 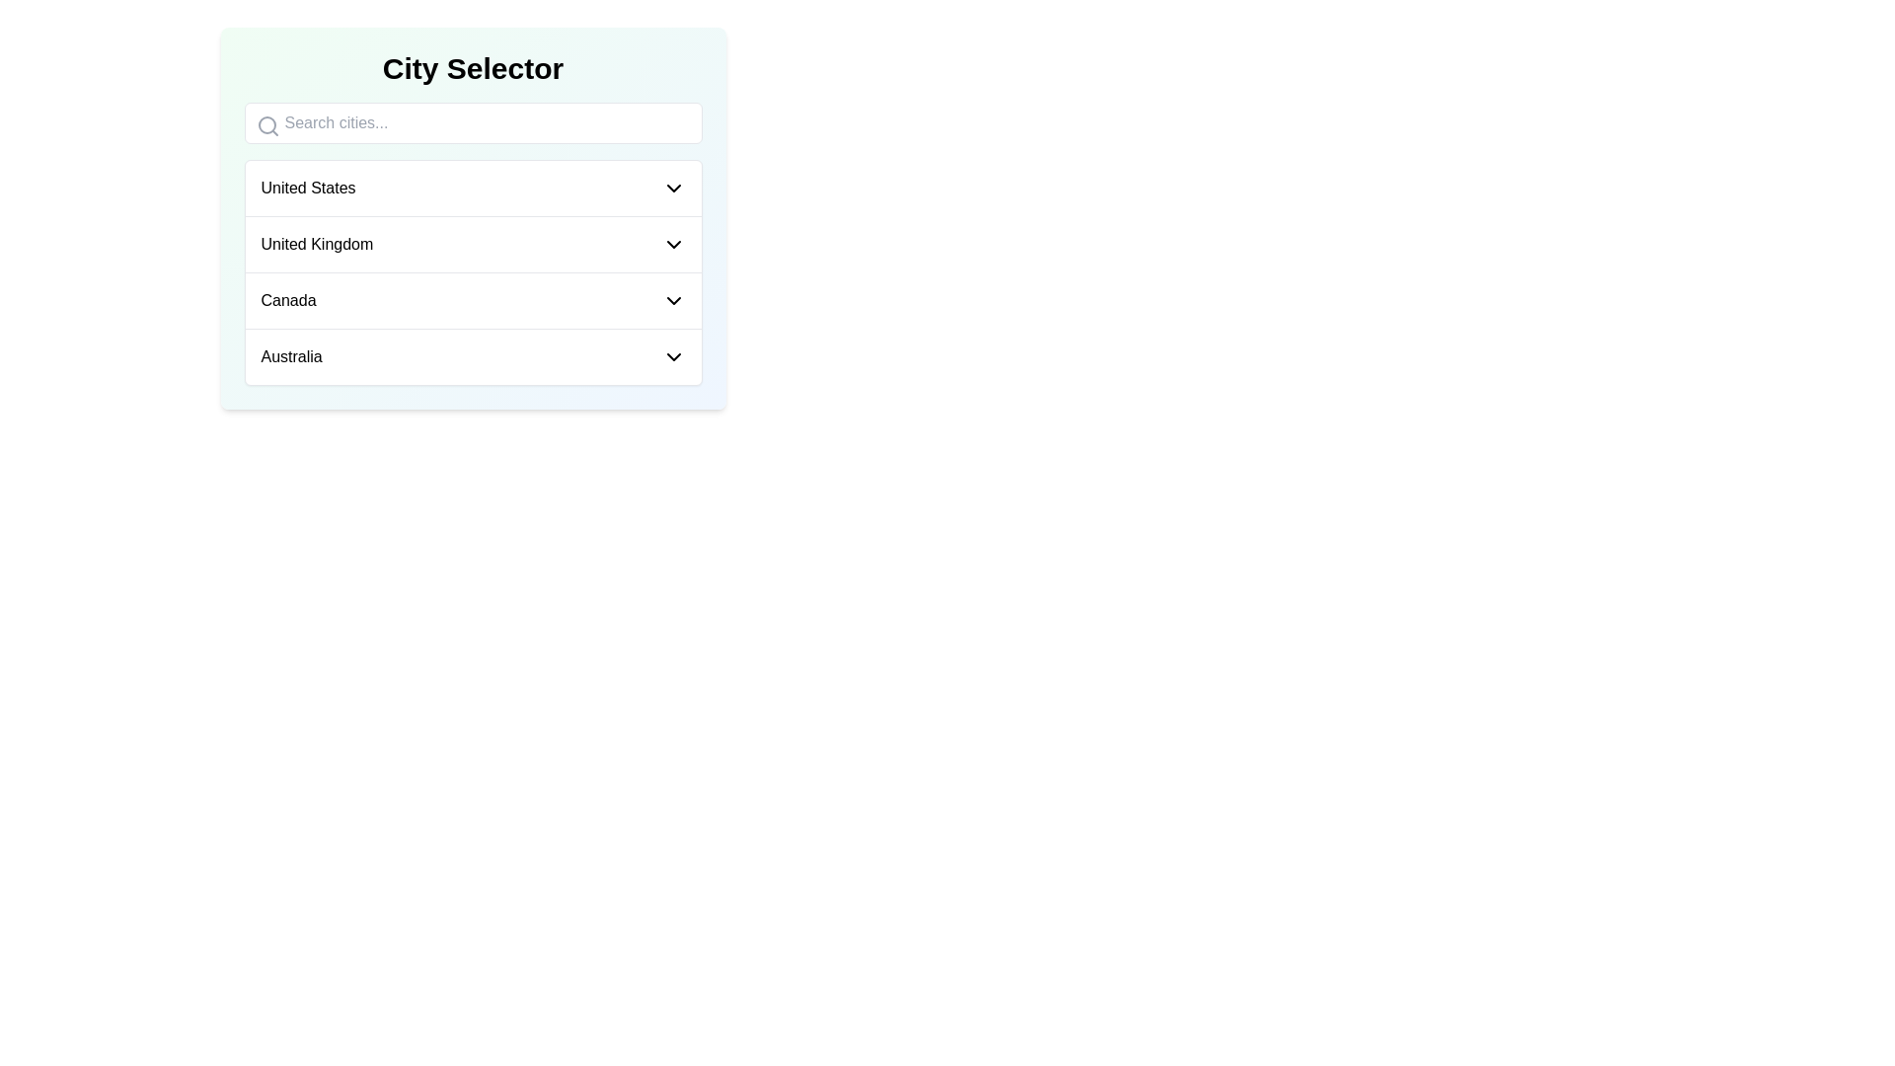 I want to click on the small downward-pointing chevron icon, which is outlined in black and filled with white, located to the right of the 'United Kingdom' label, so click(x=673, y=243).